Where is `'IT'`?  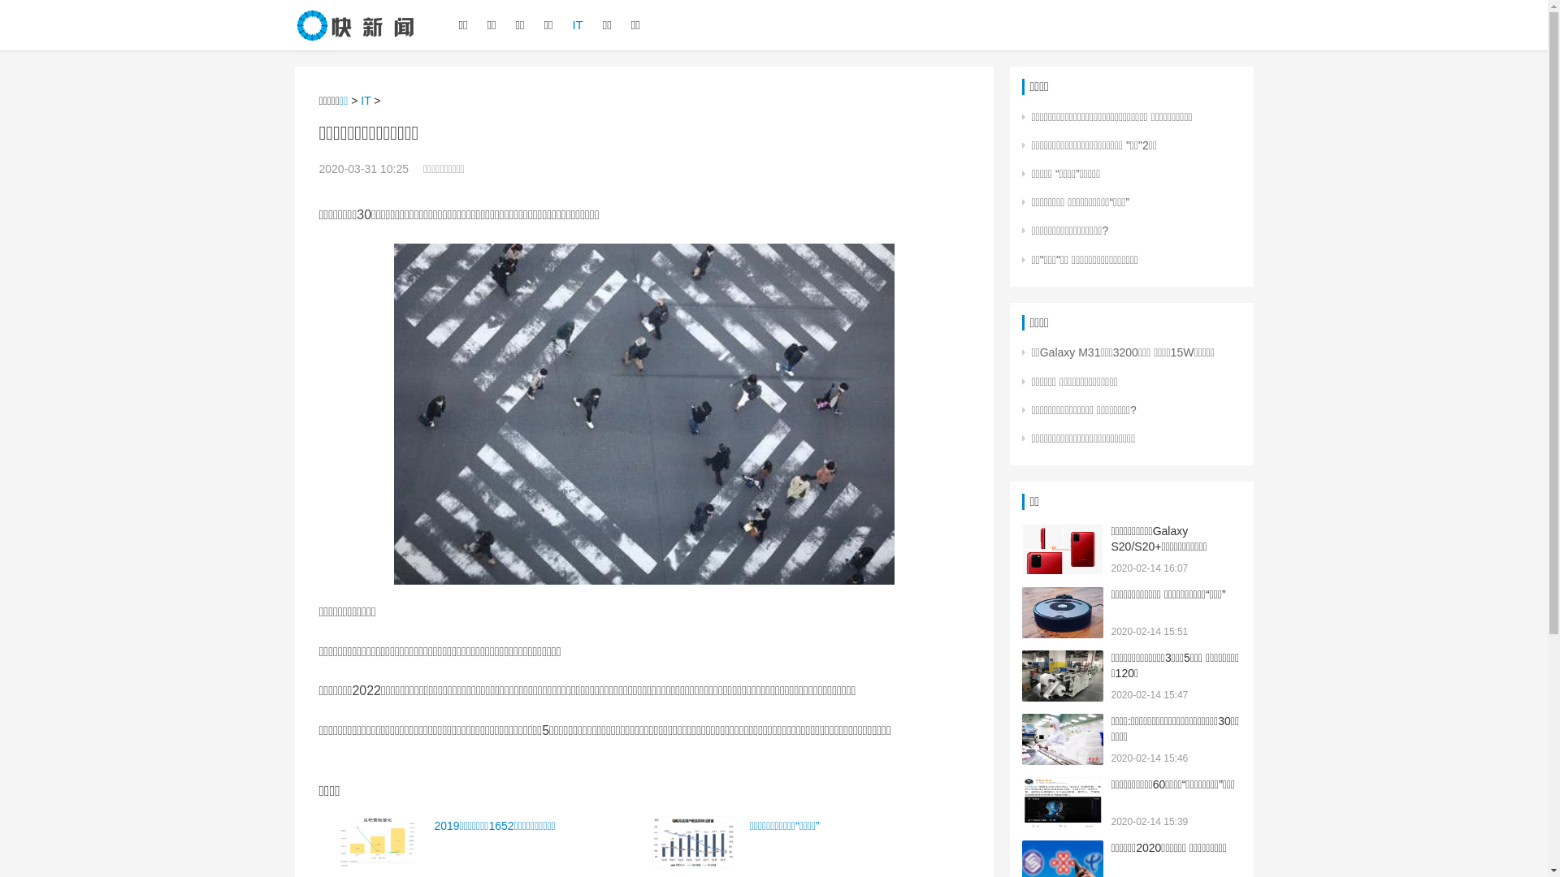 'IT' is located at coordinates (561, 24).